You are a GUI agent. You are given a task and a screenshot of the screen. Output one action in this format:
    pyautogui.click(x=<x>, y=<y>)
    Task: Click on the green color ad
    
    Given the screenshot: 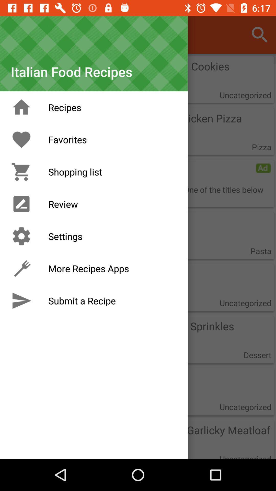 What is the action you would take?
    pyautogui.click(x=263, y=168)
    